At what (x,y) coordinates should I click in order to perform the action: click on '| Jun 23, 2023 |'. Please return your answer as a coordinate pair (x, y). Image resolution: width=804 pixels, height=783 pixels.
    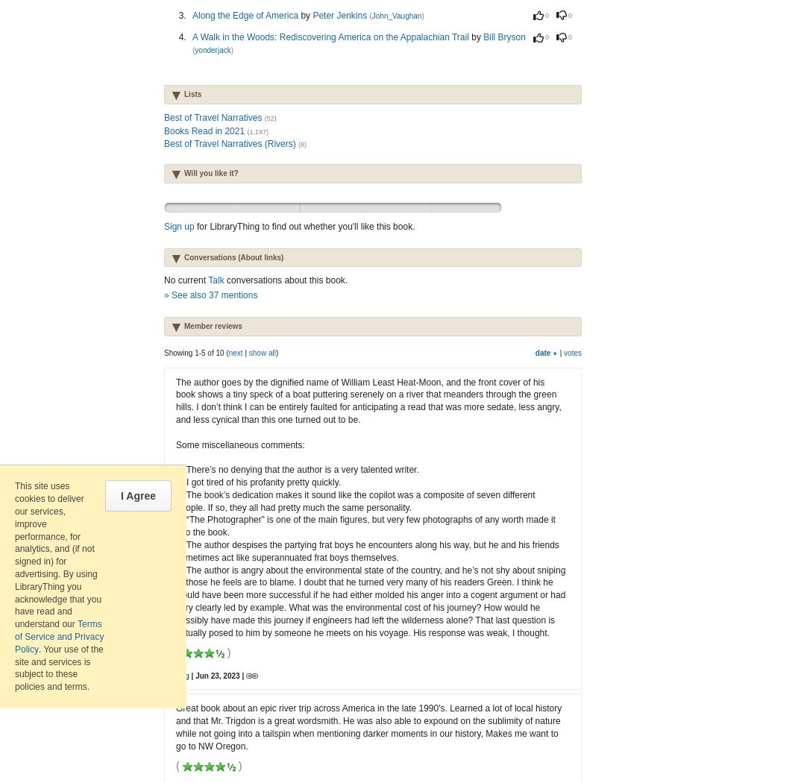
    Looking at the image, I should click on (216, 676).